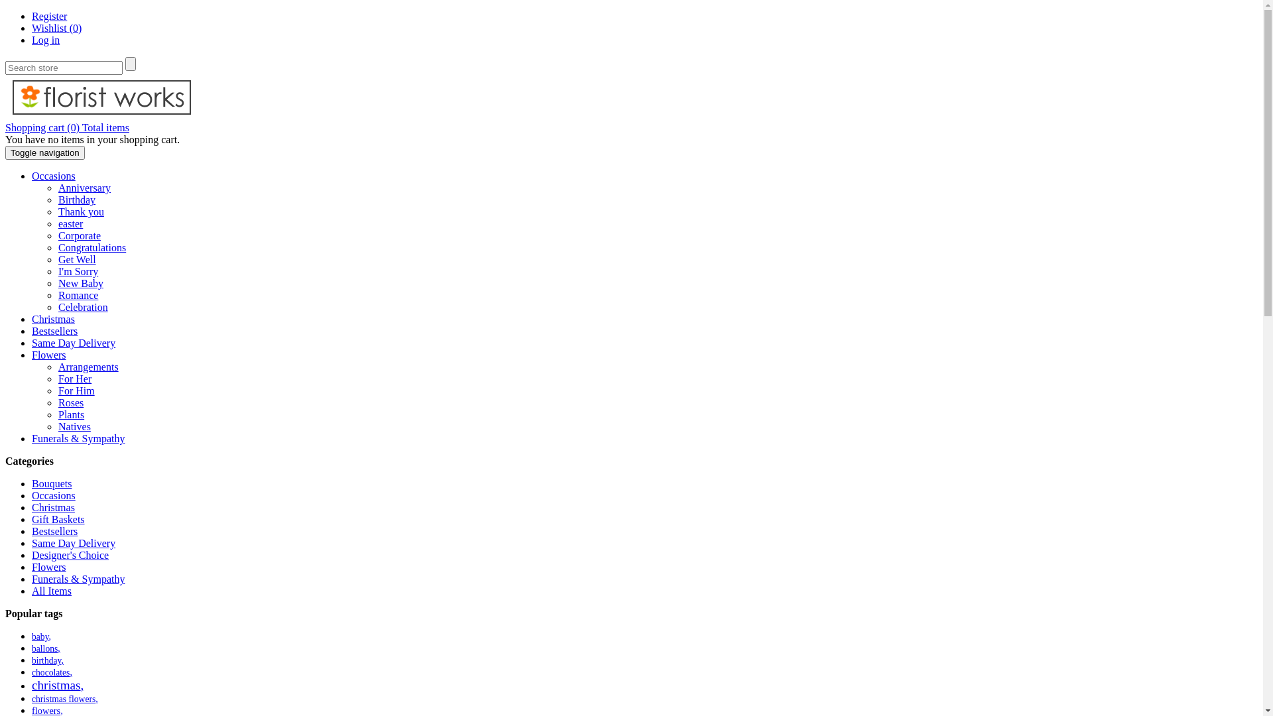 Image resolution: width=1273 pixels, height=716 pixels. Describe the element at coordinates (32, 28) in the screenshot. I see `'Wishlist (0)'` at that location.